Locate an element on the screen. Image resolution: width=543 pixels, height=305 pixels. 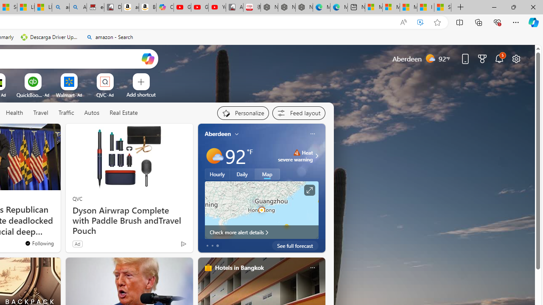
'Click to see more information' is located at coordinates (308, 190).